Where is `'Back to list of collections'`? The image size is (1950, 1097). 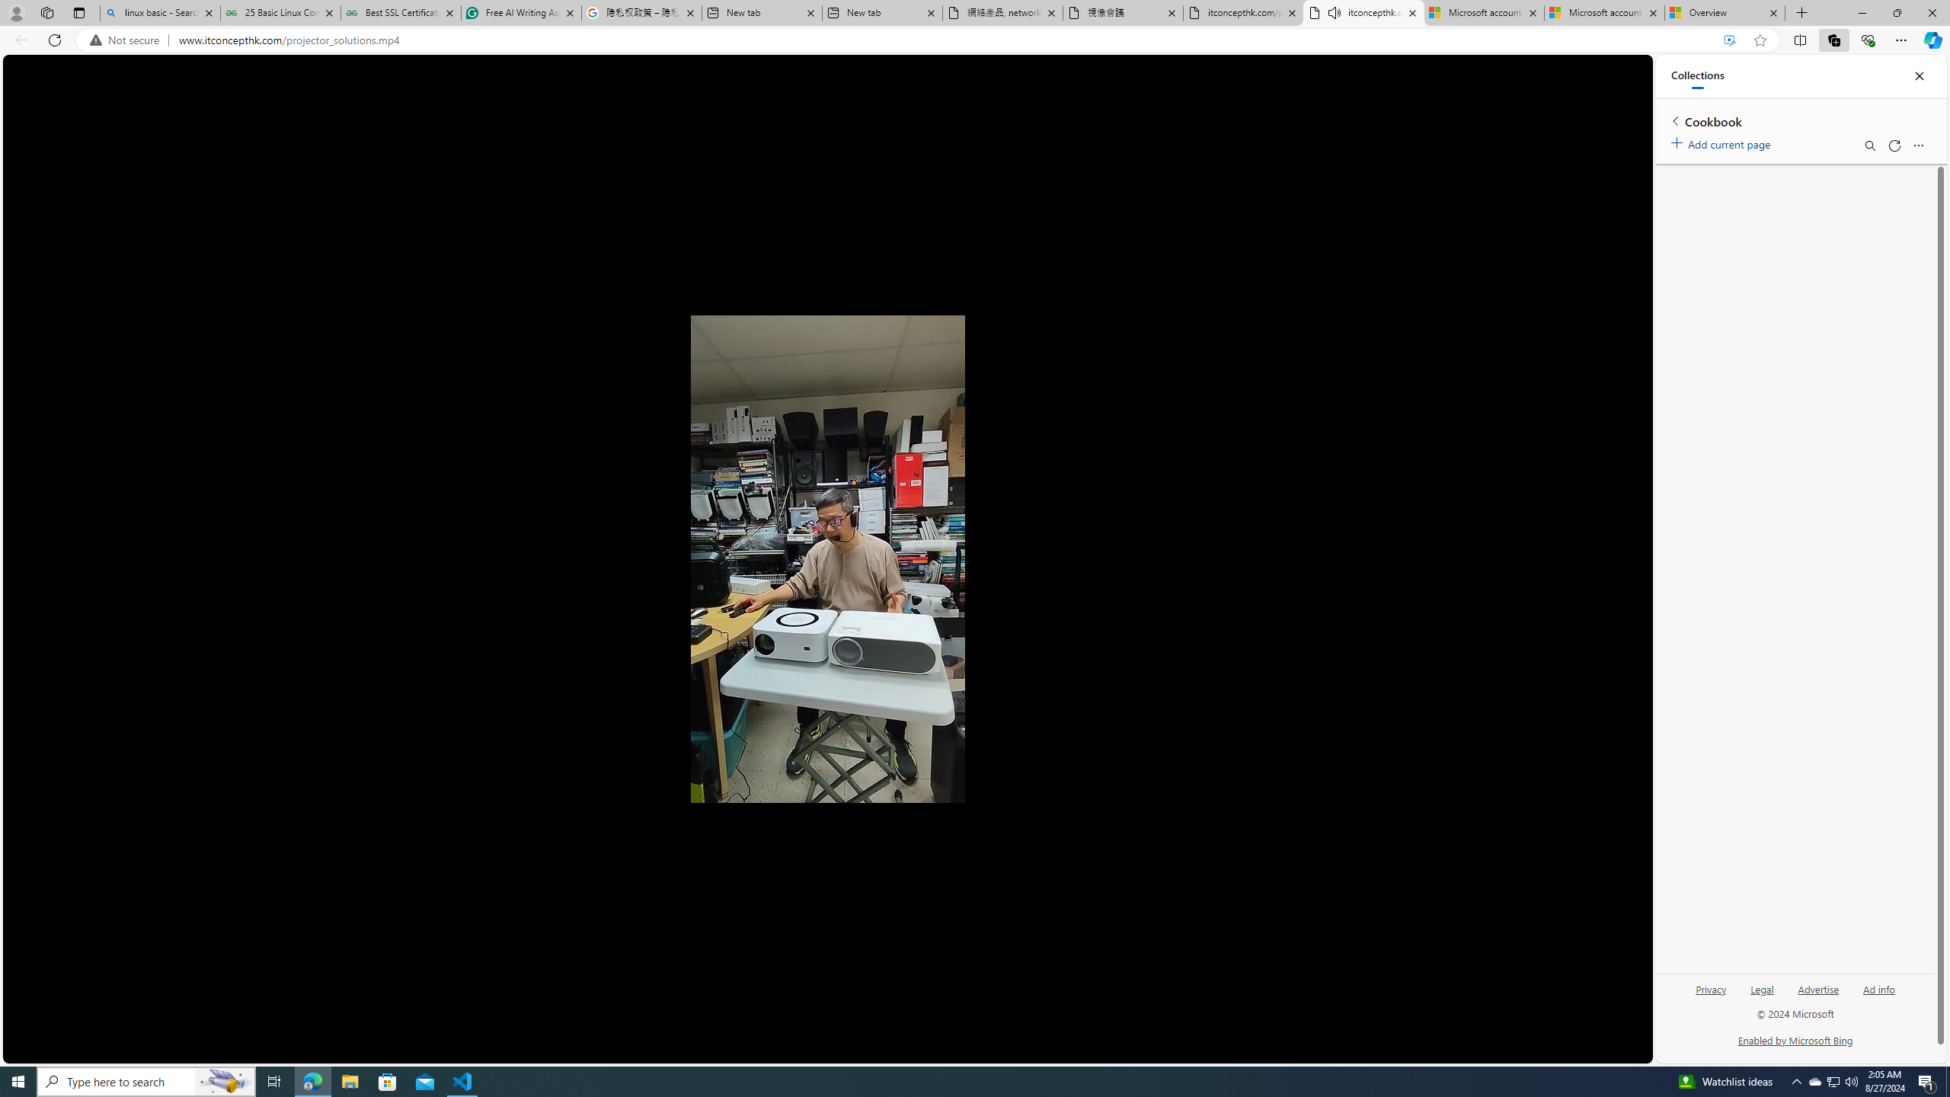
'Back to list of collections' is located at coordinates (1674, 120).